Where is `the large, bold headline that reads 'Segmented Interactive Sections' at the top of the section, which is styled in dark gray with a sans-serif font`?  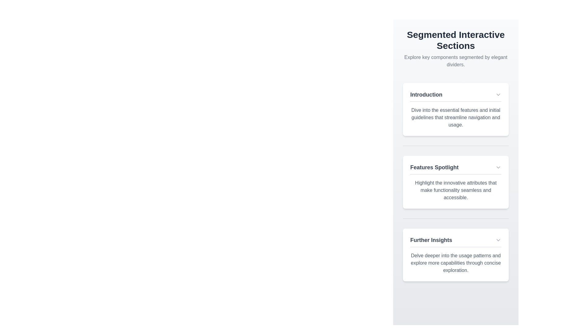 the large, bold headline that reads 'Segmented Interactive Sections' at the top of the section, which is styled in dark gray with a sans-serif font is located at coordinates (456, 40).